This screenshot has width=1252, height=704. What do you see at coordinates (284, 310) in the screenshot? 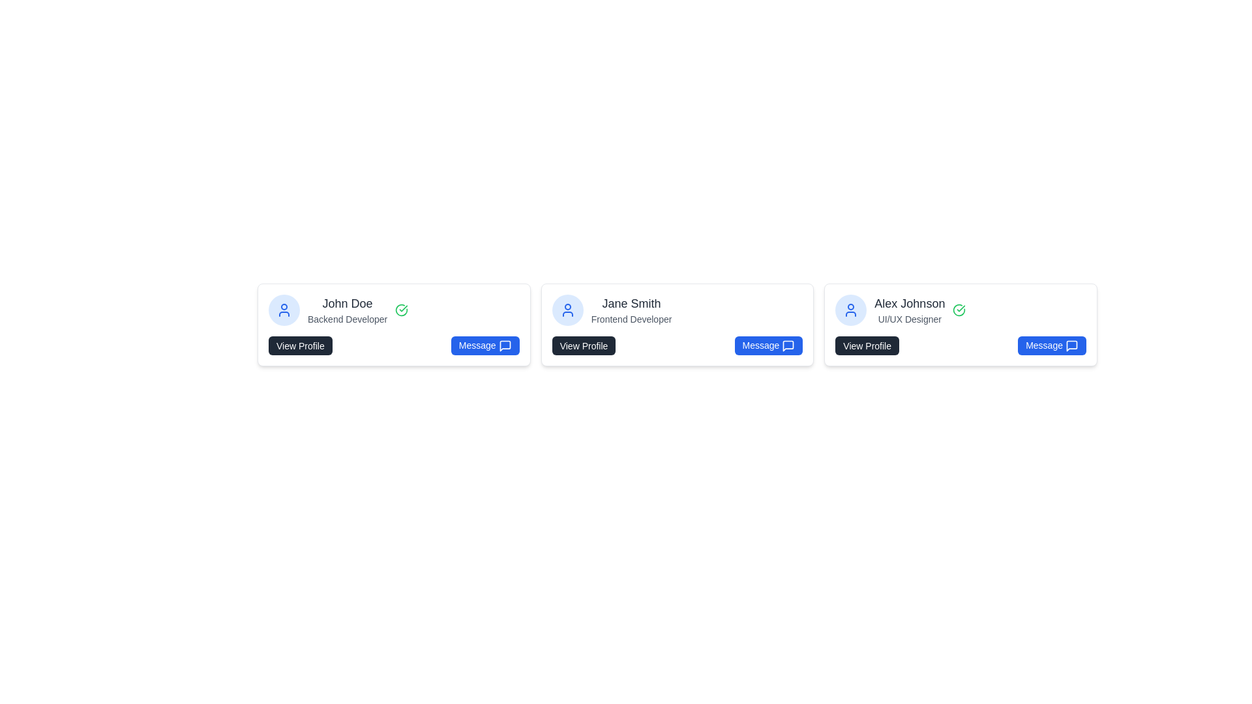
I see `the user's profile picture icon located in the leftmost user's card, which is displayed horizontally and centered within a circular background` at bounding box center [284, 310].